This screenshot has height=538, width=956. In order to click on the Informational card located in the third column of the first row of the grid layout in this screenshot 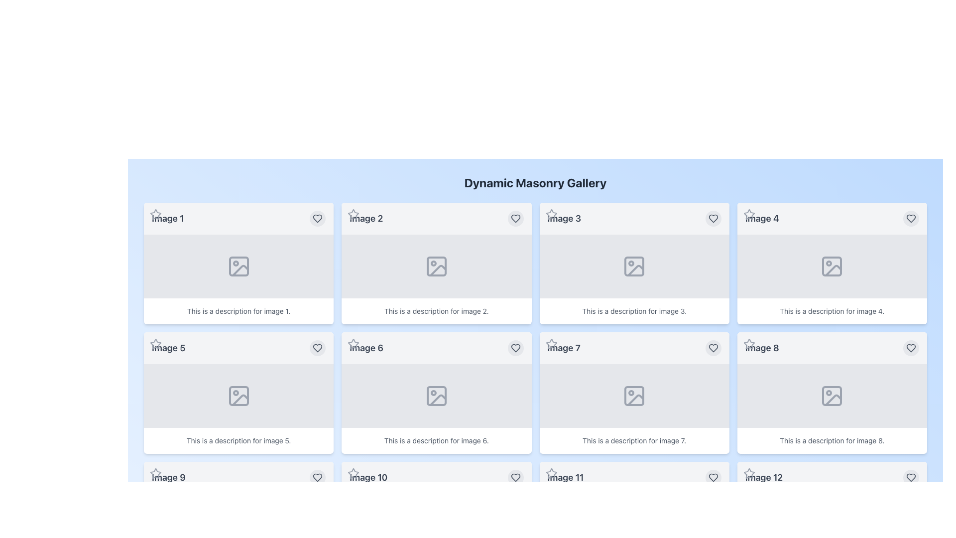, I will do `click(633, 263)`.